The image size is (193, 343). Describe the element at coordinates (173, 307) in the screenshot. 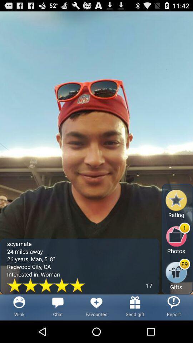

I see `report` at that location.